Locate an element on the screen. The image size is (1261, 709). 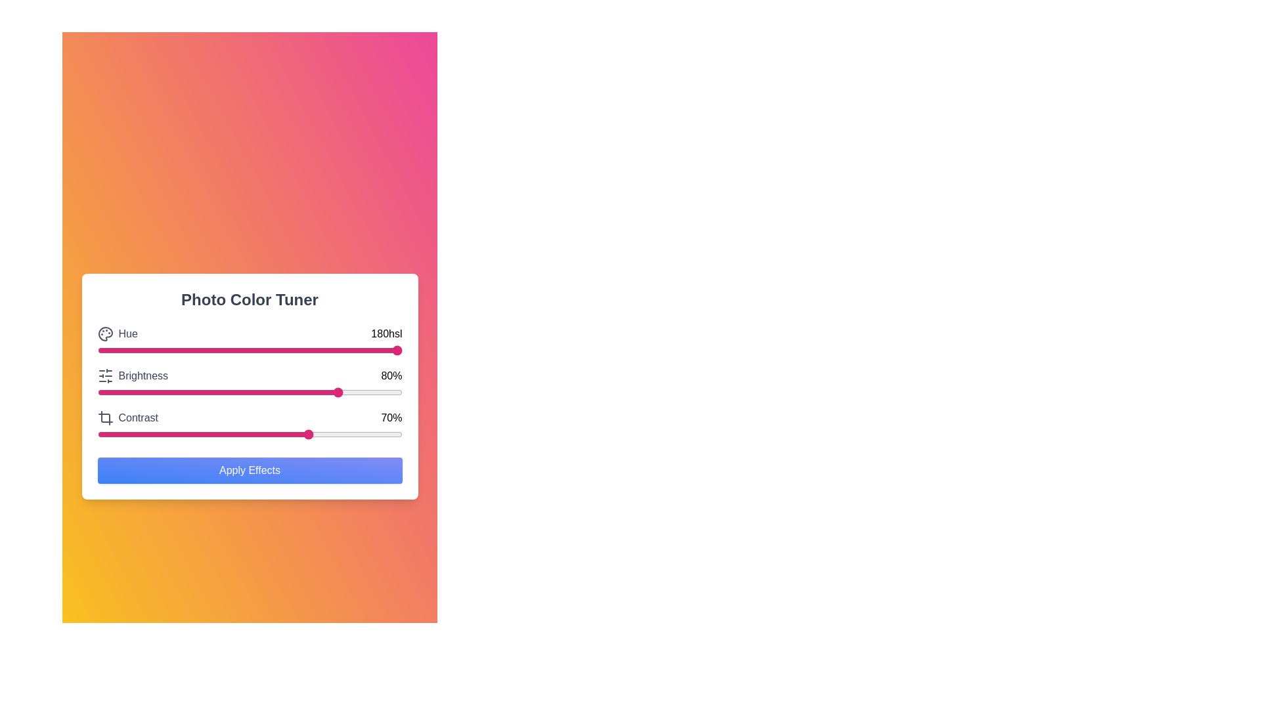
the hue slider to set the hue value to 71 is located at coordinates (313, 349).